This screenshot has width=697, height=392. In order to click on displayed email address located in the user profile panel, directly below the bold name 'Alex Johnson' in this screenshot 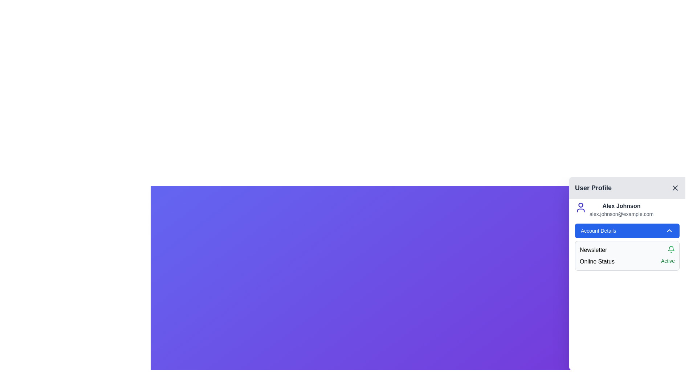, I will do `click(621, 214)`.